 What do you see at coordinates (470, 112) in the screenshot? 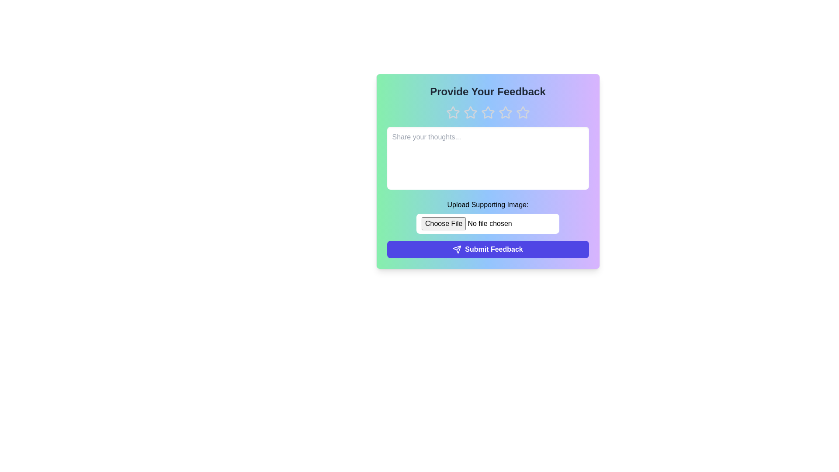
I see `the second star icon in the rating section of the user feedback form` at bounding box center [470, 112].